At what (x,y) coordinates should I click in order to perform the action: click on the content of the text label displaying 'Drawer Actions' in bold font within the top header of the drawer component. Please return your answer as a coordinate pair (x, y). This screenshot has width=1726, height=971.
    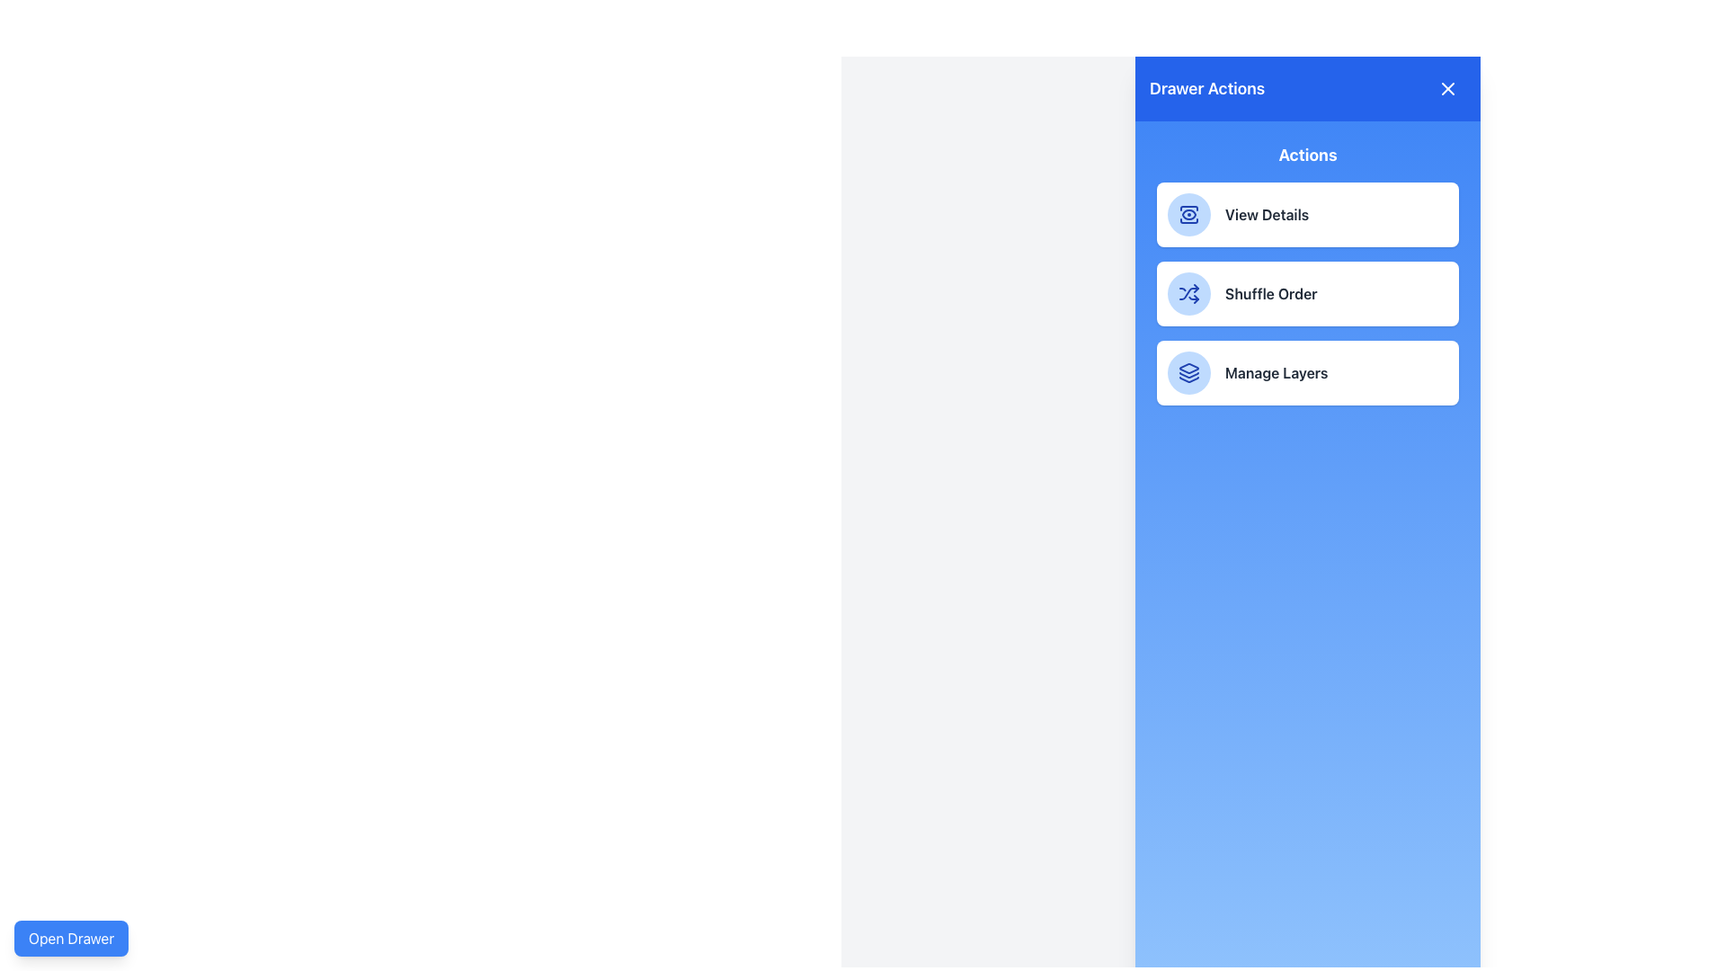
    Looking at the image, I should click on (1207, 89).